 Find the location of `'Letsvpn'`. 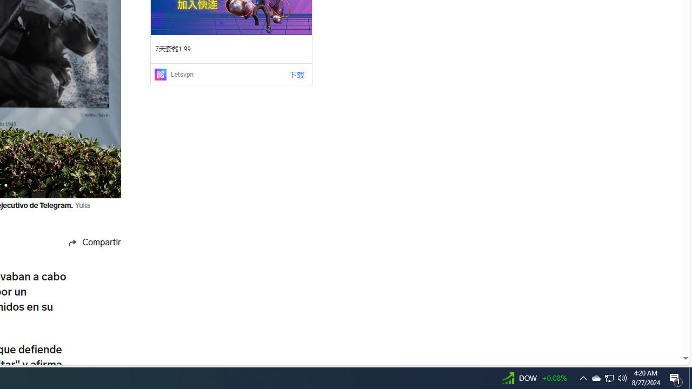

'Letsvpn' is located at coordinates (182, 73).